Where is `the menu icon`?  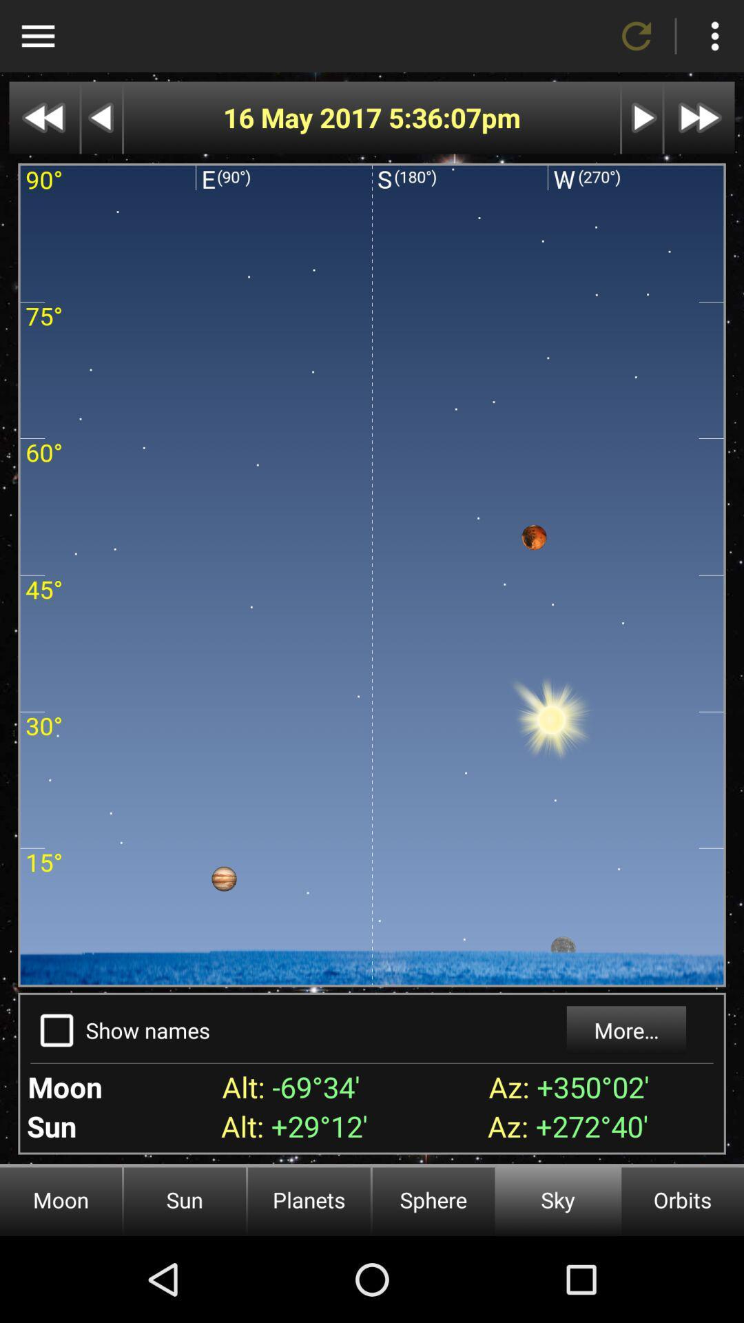
the menu icon is located at coordinates (37, 36).